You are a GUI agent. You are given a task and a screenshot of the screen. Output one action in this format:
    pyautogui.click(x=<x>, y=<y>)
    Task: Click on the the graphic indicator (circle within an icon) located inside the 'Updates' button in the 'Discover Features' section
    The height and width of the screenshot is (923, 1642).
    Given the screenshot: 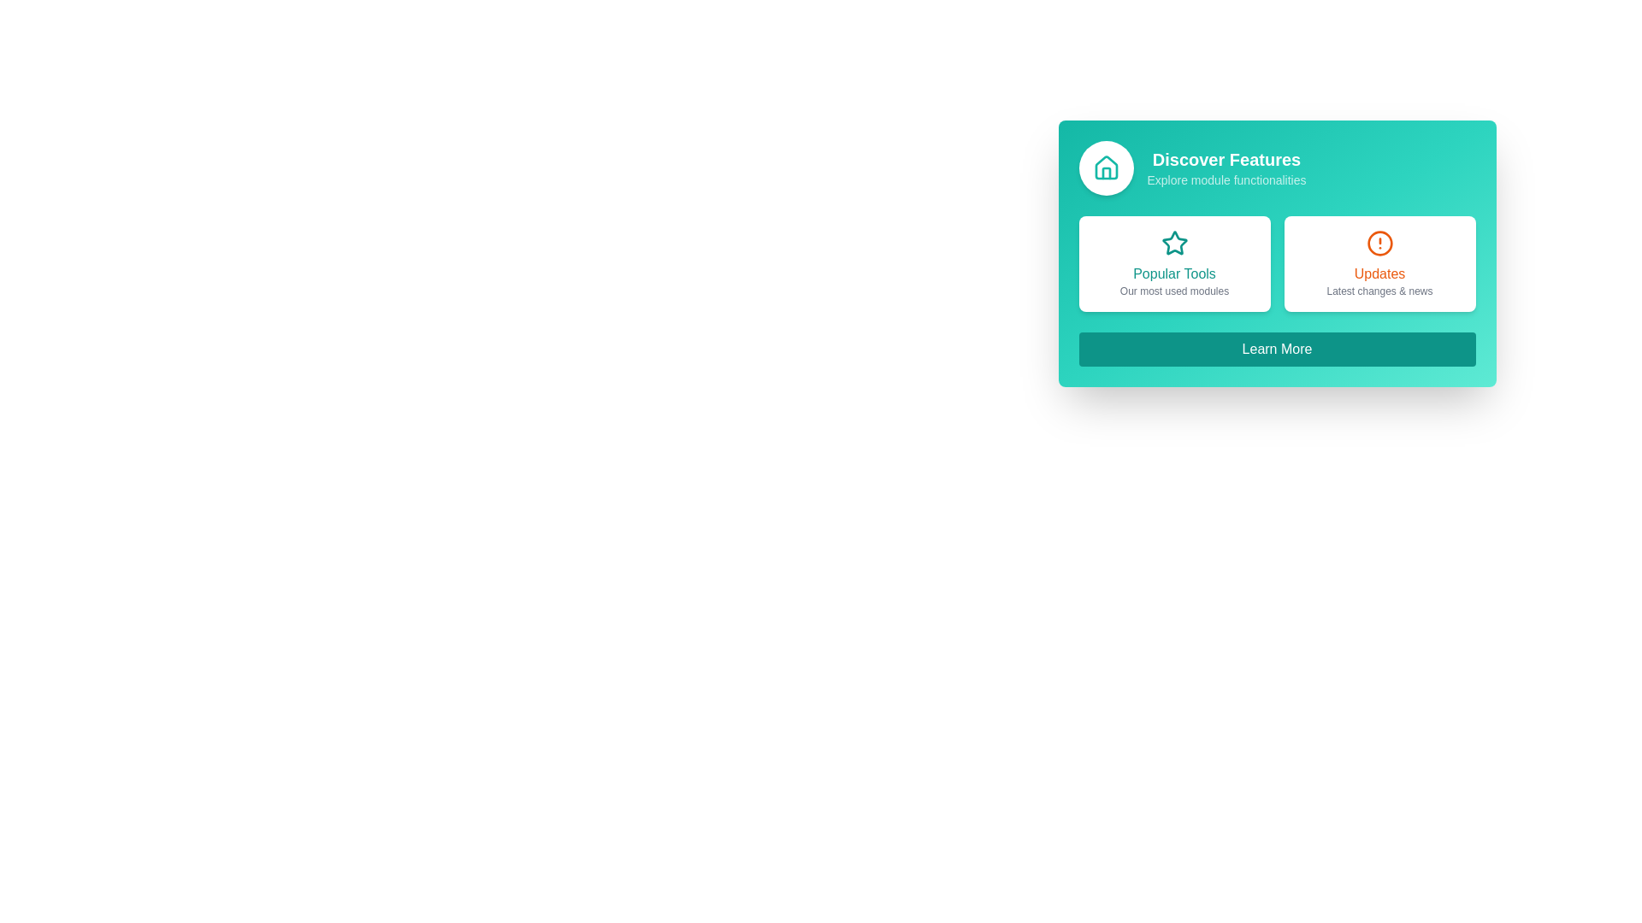 What is the action you would take?
    pyautogui.click(x=1379, y=244)
    